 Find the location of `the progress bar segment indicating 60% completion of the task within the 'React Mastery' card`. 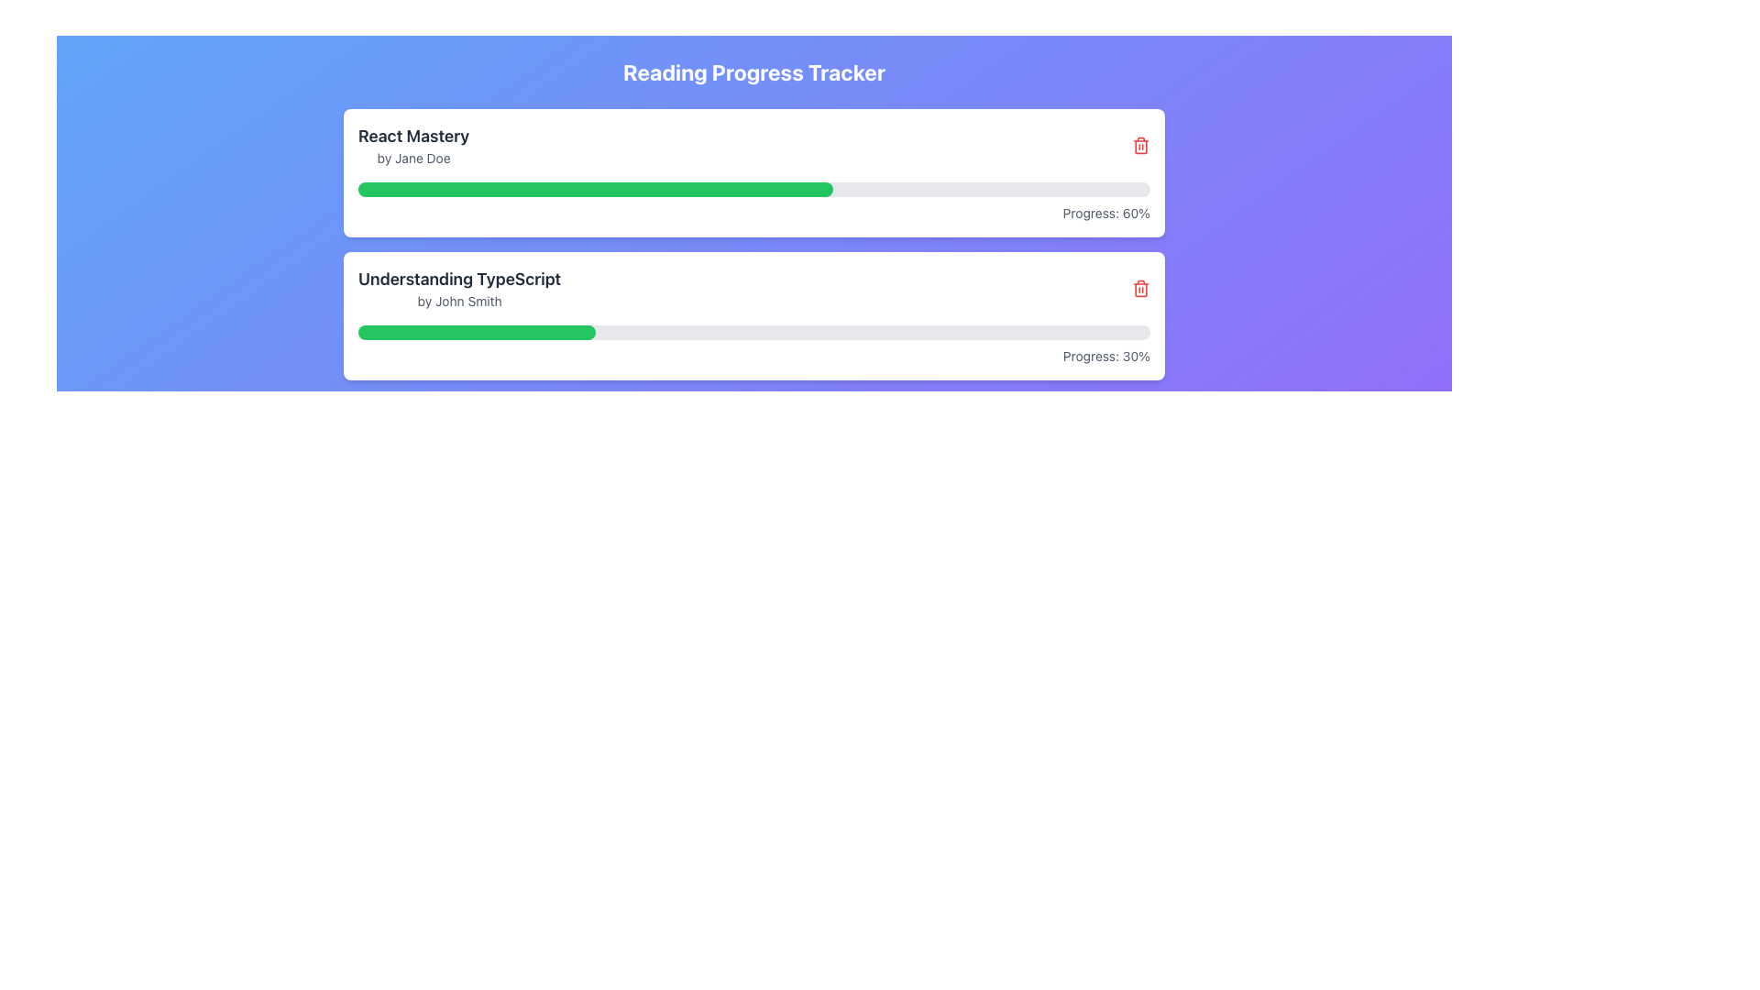

the progress bar segment indicating 60% completion of the task within the 'React Mastery' card is located at coordinates (596, 190).